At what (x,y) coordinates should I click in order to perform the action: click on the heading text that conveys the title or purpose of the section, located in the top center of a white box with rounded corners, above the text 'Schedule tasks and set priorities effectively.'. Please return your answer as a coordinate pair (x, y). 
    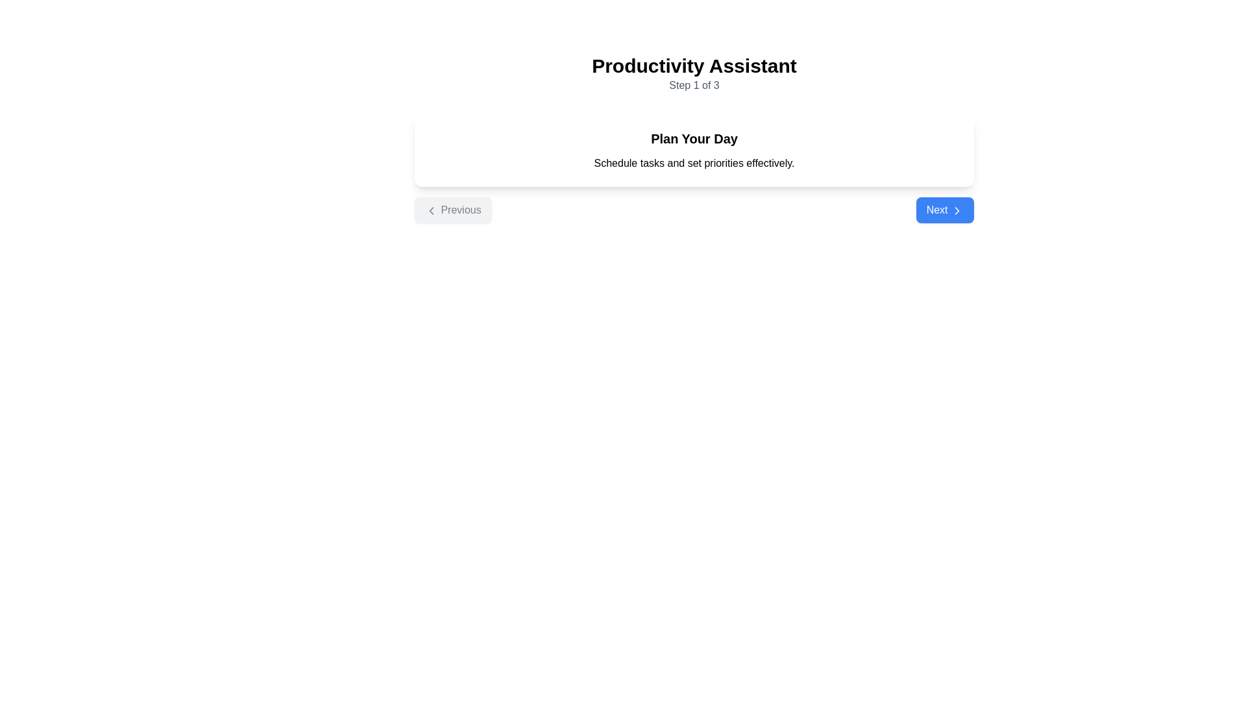
    Looking at the image, I should click on (694, 138).